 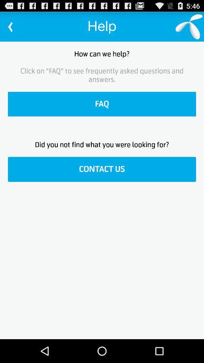 I want to click on the icon below did you not, so click(x=102, y=169).